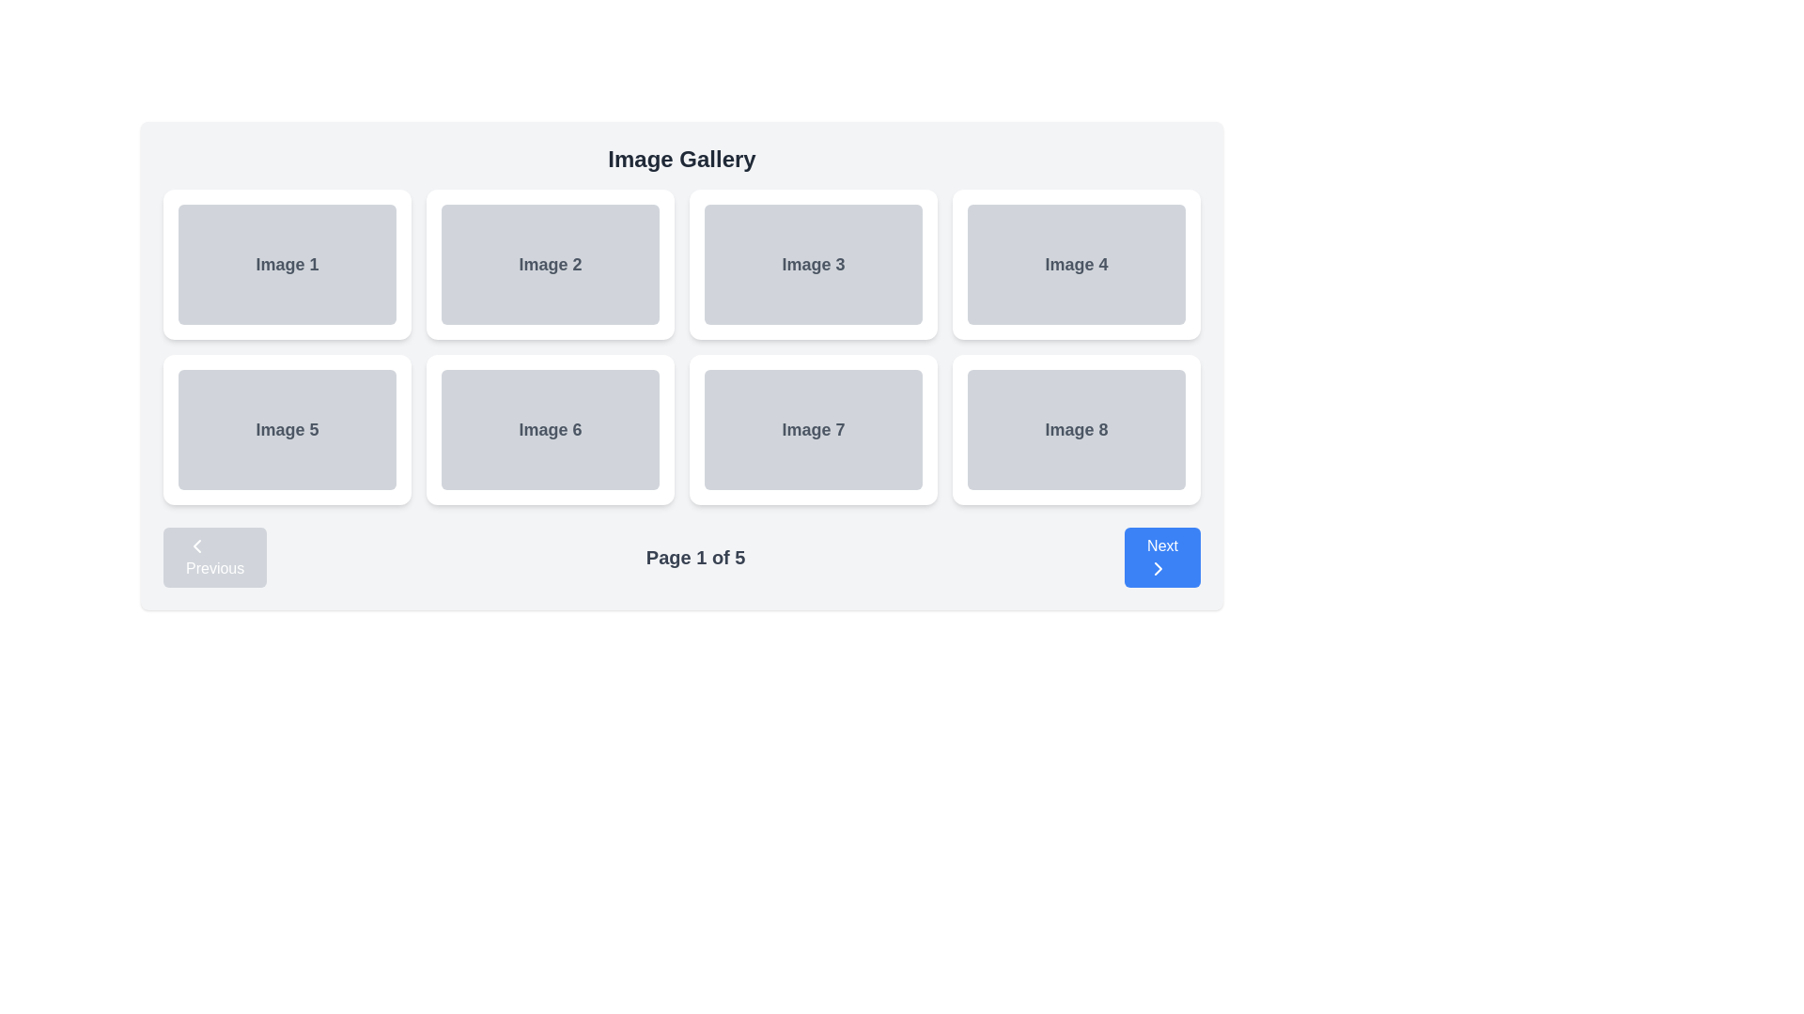 This screenshot has height=1014, width=1804. Describe the element at coordinates (287, 264) in the screenshot. I see `the image preview card located at the top-left corner of the grid layout` at that location.